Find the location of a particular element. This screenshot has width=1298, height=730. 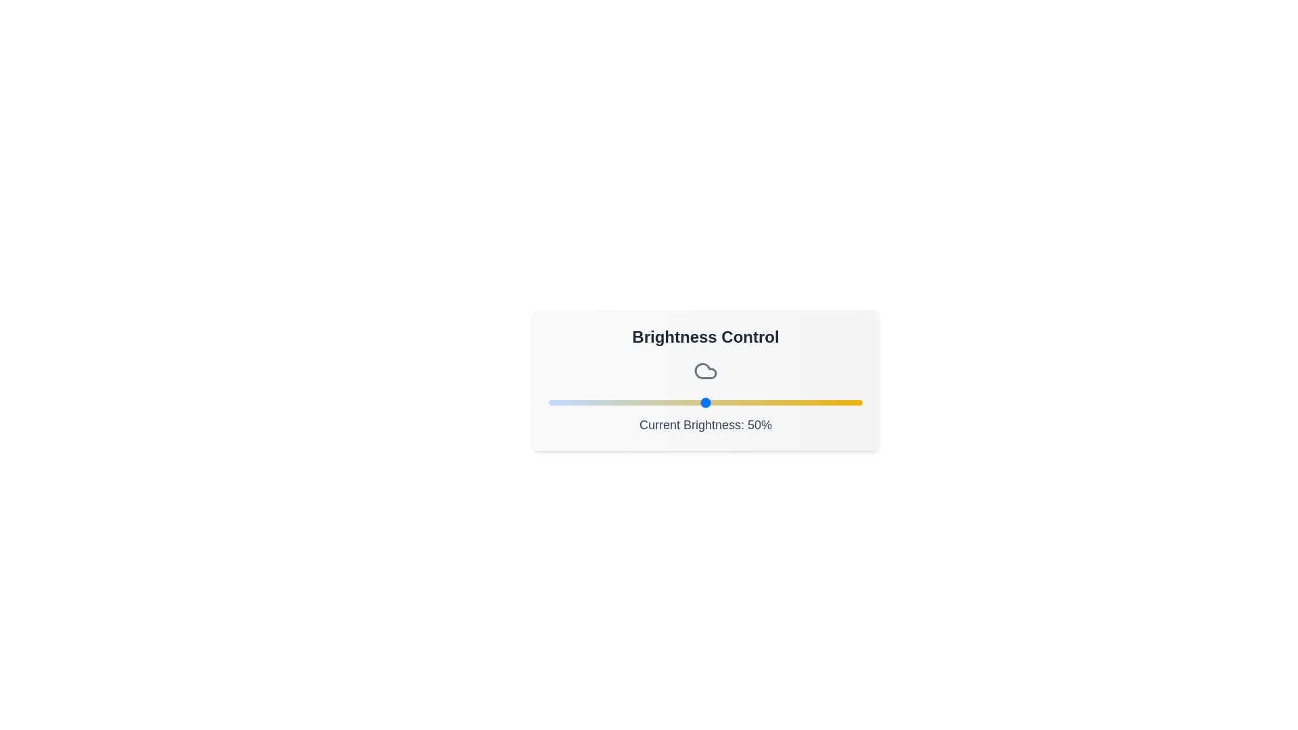

the brightness level to 88% by interacting with the slider is located at coordinates (824, 402).